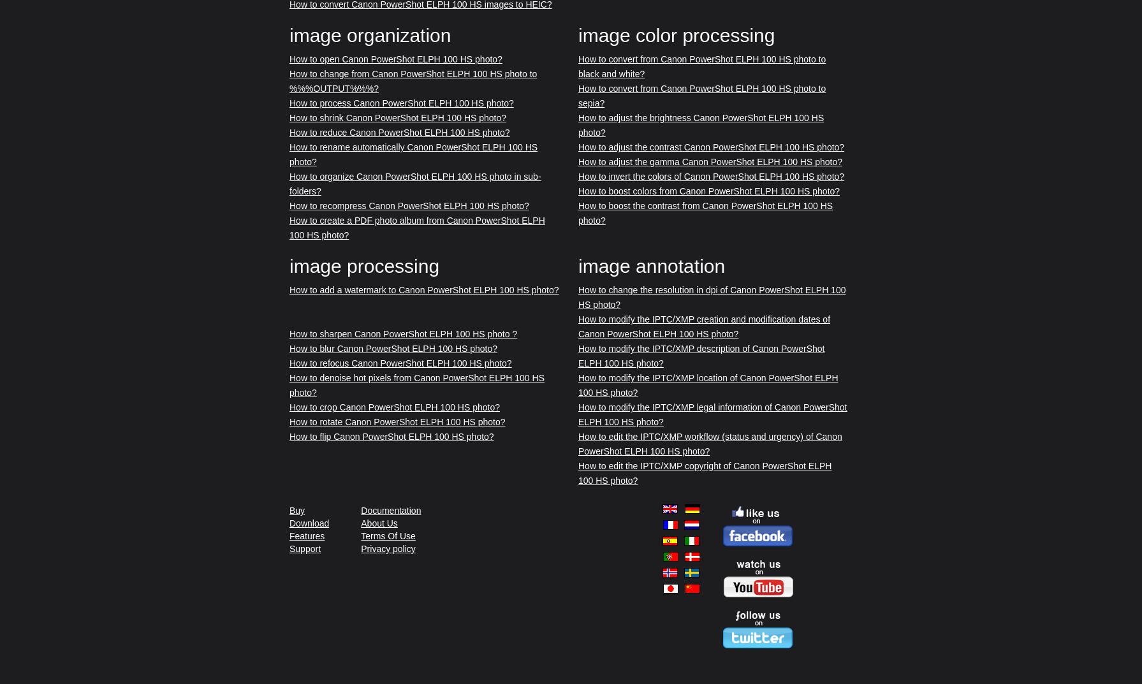  Describe the element at coordinates (703, 326) in the screenshot. I see `'How to modify the IPTC/XMP creation and modification dates of  Canon PowerShot ELPH 100 HS photo?'` at that location.